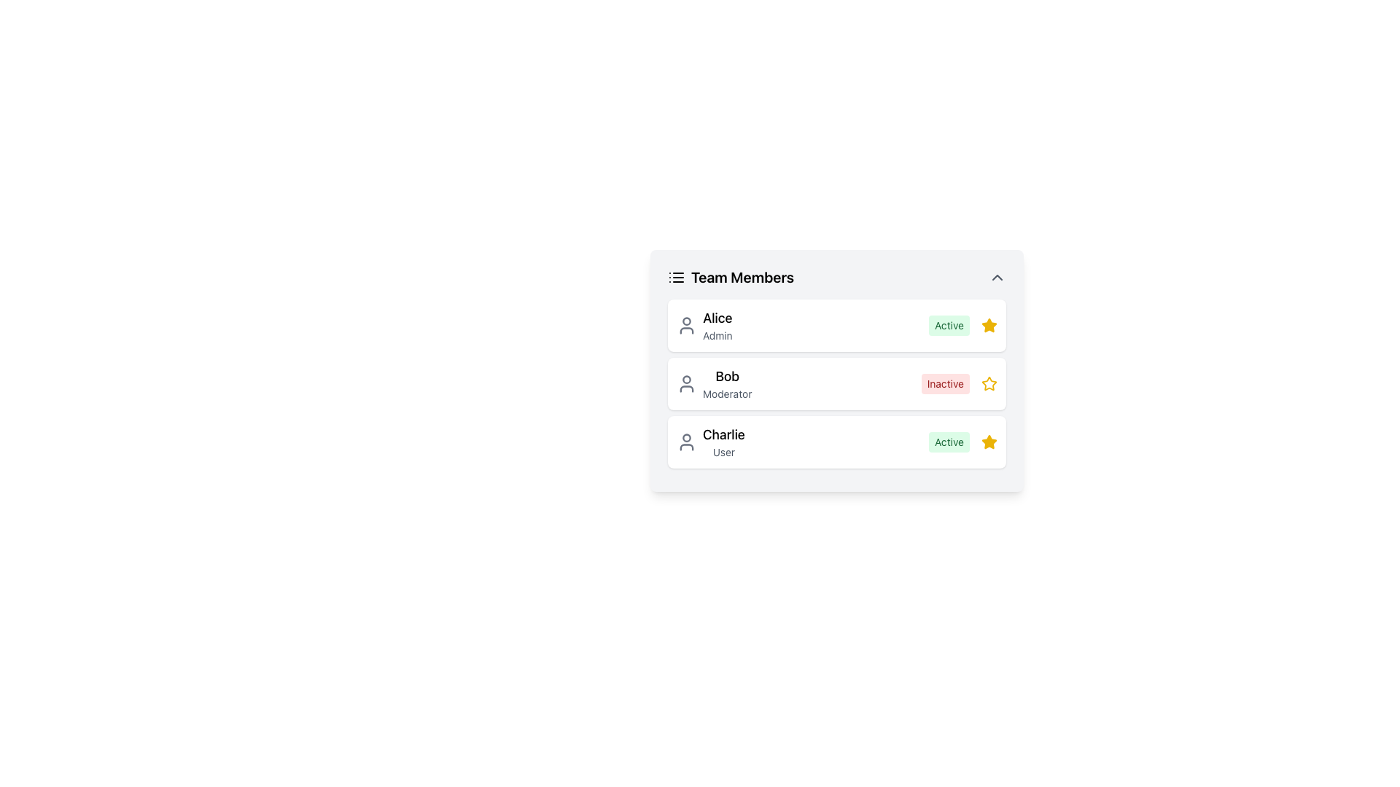 This screenshot has width=1400, height=787. What do you see at coordinates (675, 278) in the screenshot?
I see `the list icon positioned to the left of the 'Team Members' heading` at bounding box center [675, 278].